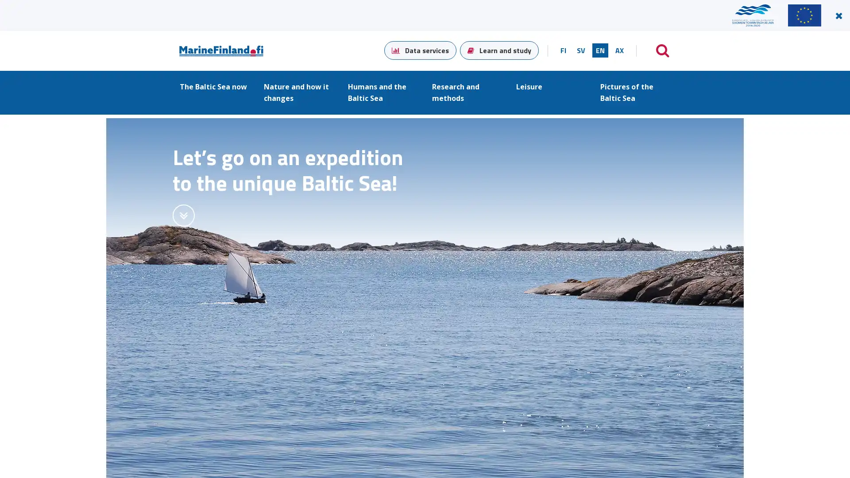 This screenshot has width=850, height=478. What do you see at coordinates (183, 215) in the screenshot?
I see `Siirry seuraavaan osioon` at bounding box center [183, 215].